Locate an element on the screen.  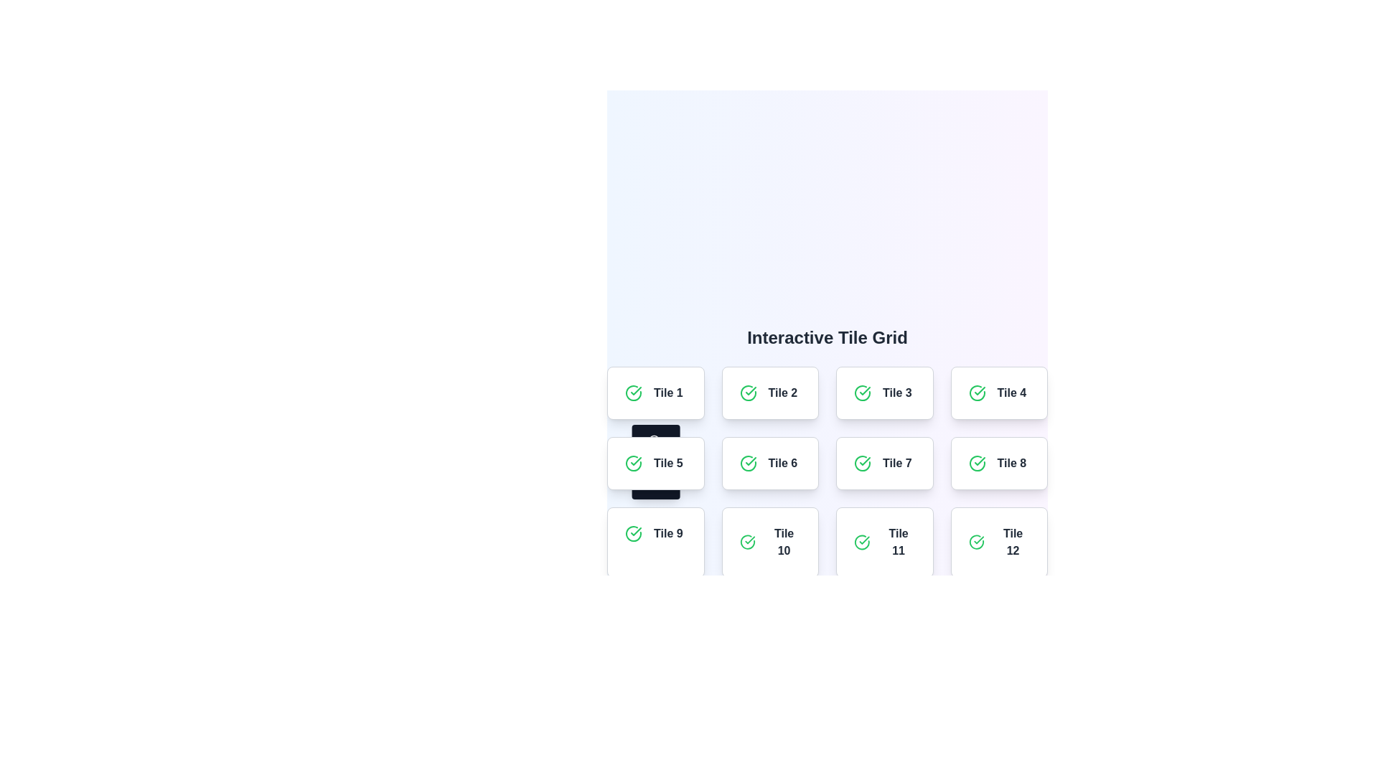
the green checkmark icon within the circular icon located in 'Tile 10' of the 'Interactive Tile Grid' is located at coordinates (749, 540).